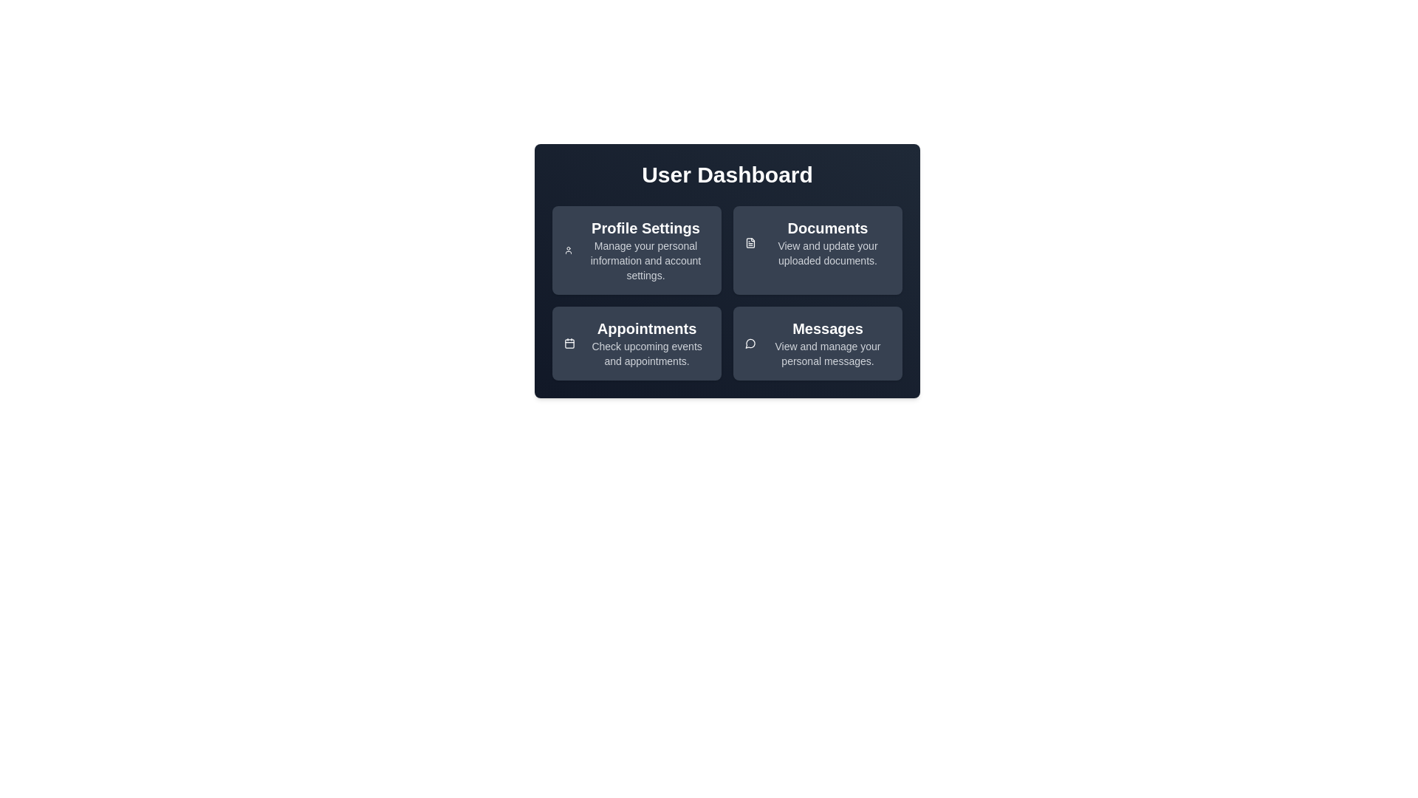 The height and width of the screenshot is (798, 1418). What do you see at coordinates (637, 250) in the screenshot?
I see `the card titled 'Profile Settings'` at bounding box center [637, 250].